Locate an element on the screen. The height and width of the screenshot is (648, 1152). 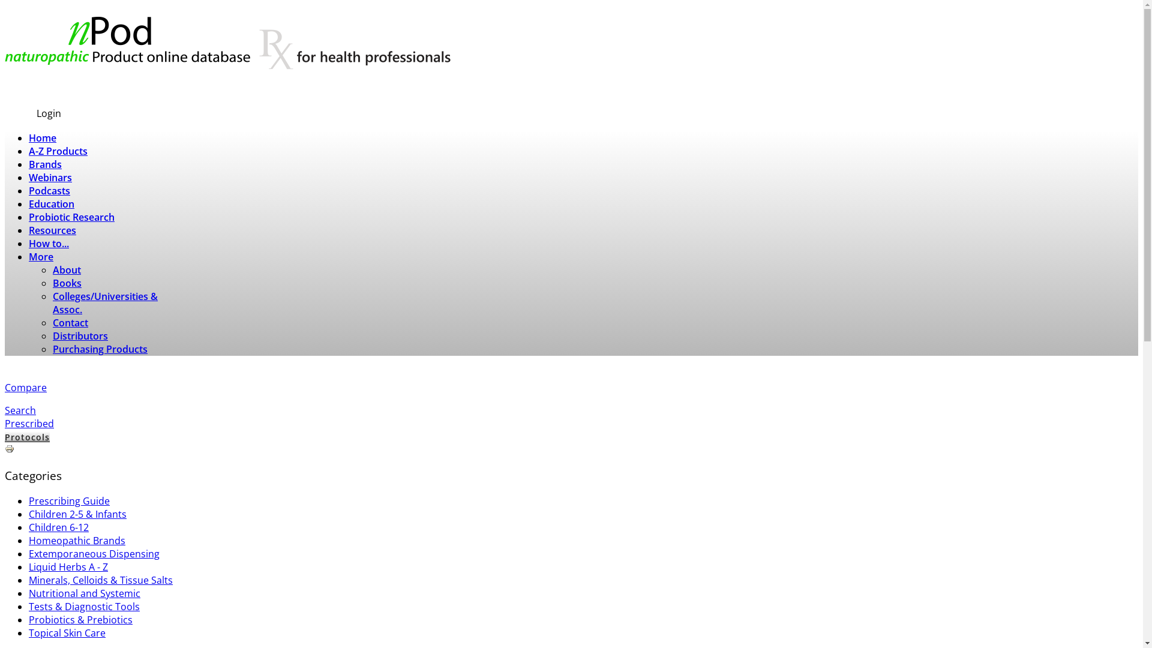
'Podcasts' is located at coordinates (49, 190).